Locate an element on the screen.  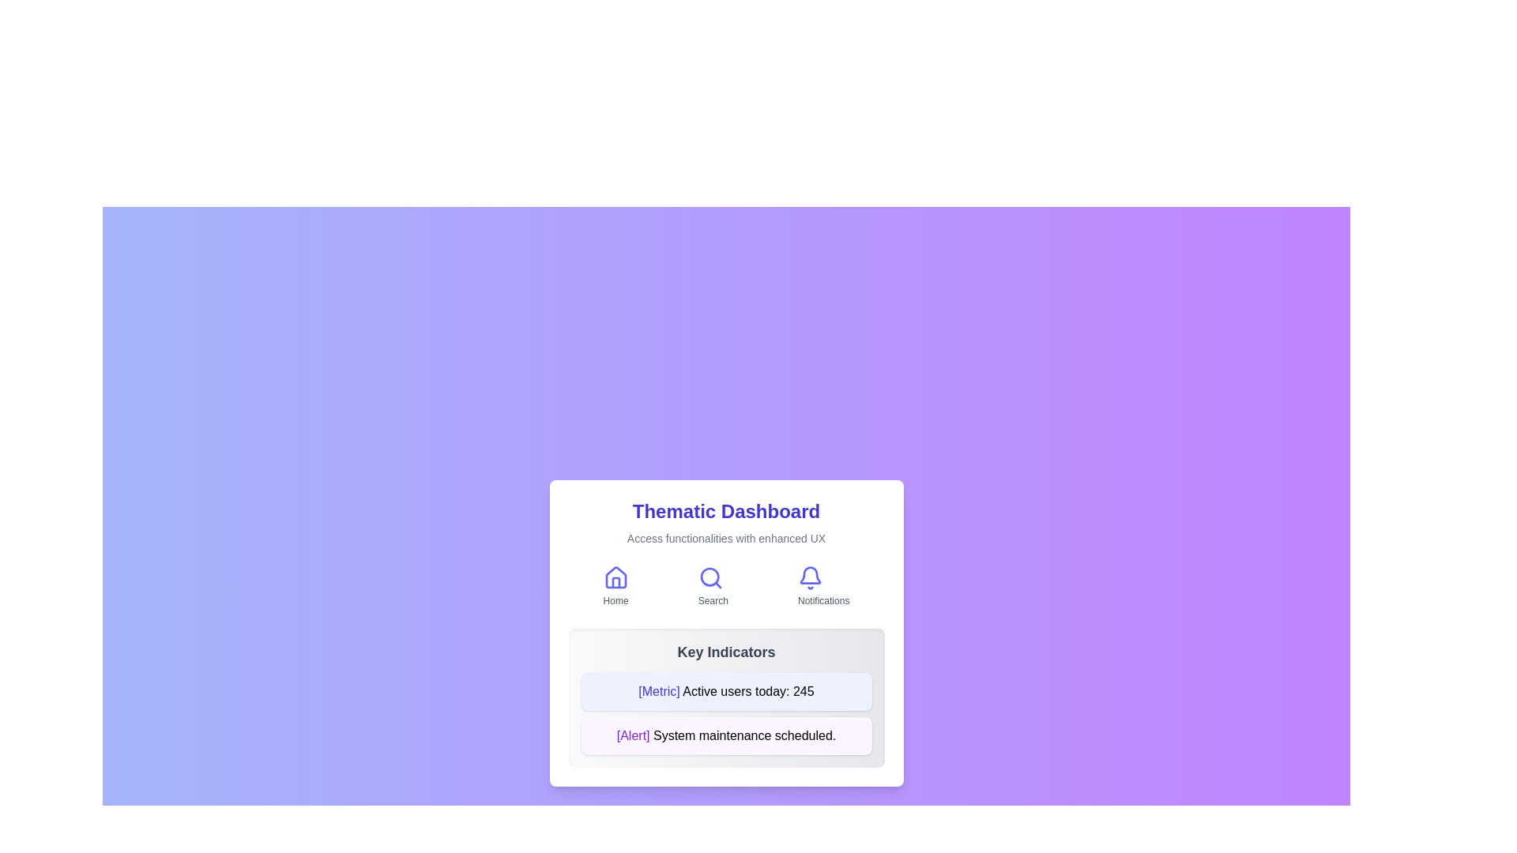
message from the Label or Text Indicator which serves as a prefix for the notification message, located near the bottom of the dashboard interface is located at coordinates (633, 735).